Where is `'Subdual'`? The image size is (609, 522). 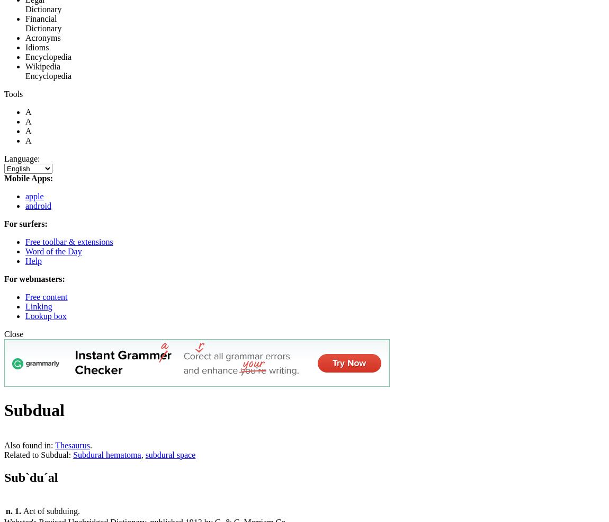 'Subdual' is located at coordinates (33, 410).